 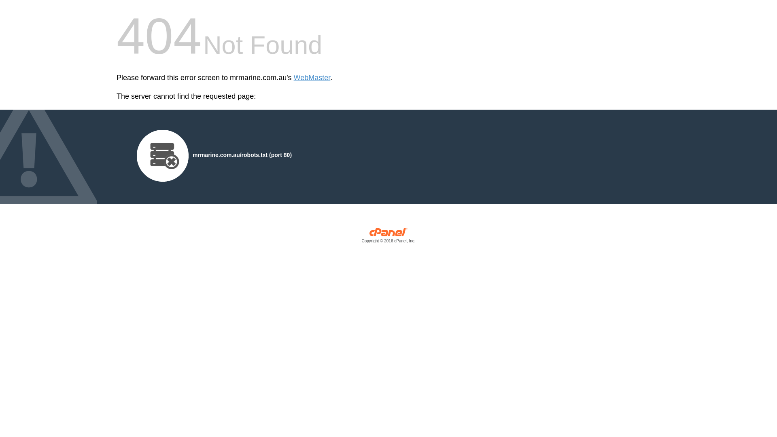 What do you see at coordinates (312, 78) in the screenshot?
I see `'WebMaster'` at bounding box center [312, 78].